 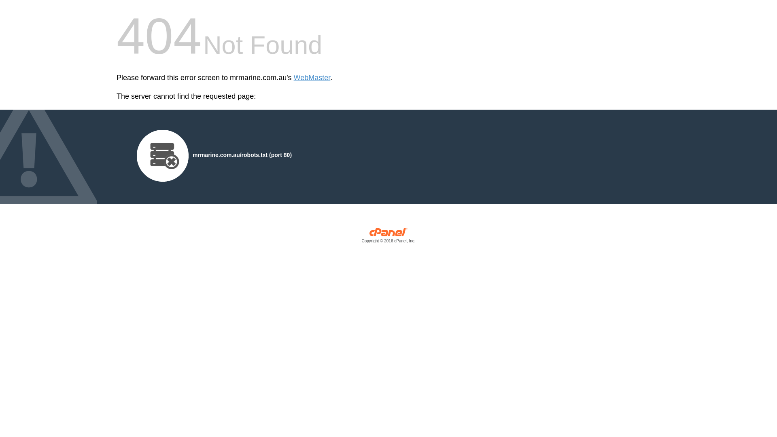 What do you see at coordinates (312, 78) in the screenshot?
I see `'WebMaster'` at bounding box center [312, 78].